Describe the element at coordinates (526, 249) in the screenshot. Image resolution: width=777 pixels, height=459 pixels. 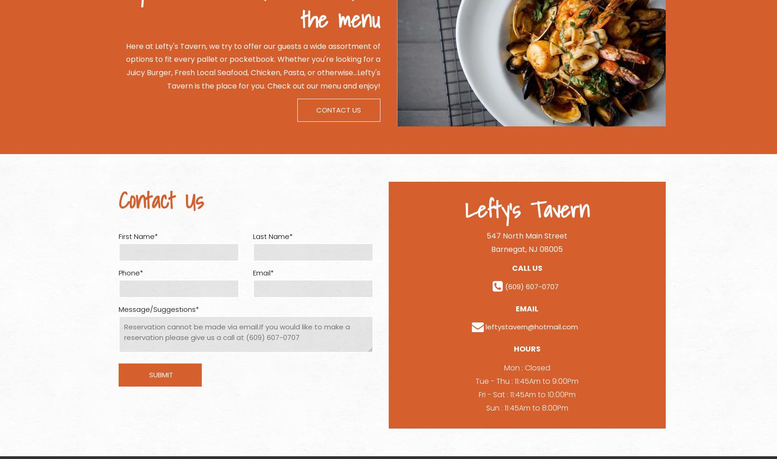
I see `'Barnegat, NJ 08005'` at that location.